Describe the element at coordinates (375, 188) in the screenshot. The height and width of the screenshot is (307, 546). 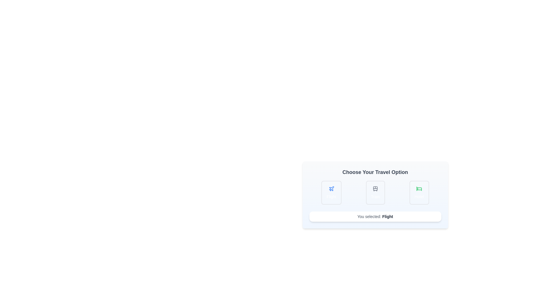
I see `the graphical icon component that is a rectangle with rounded corners, centrally located within the train icon among the three travel options` at that location.